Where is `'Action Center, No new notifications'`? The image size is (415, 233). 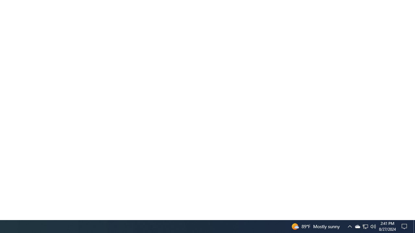
'Action Center, No new notifications' is located at coordinates (405, 226).